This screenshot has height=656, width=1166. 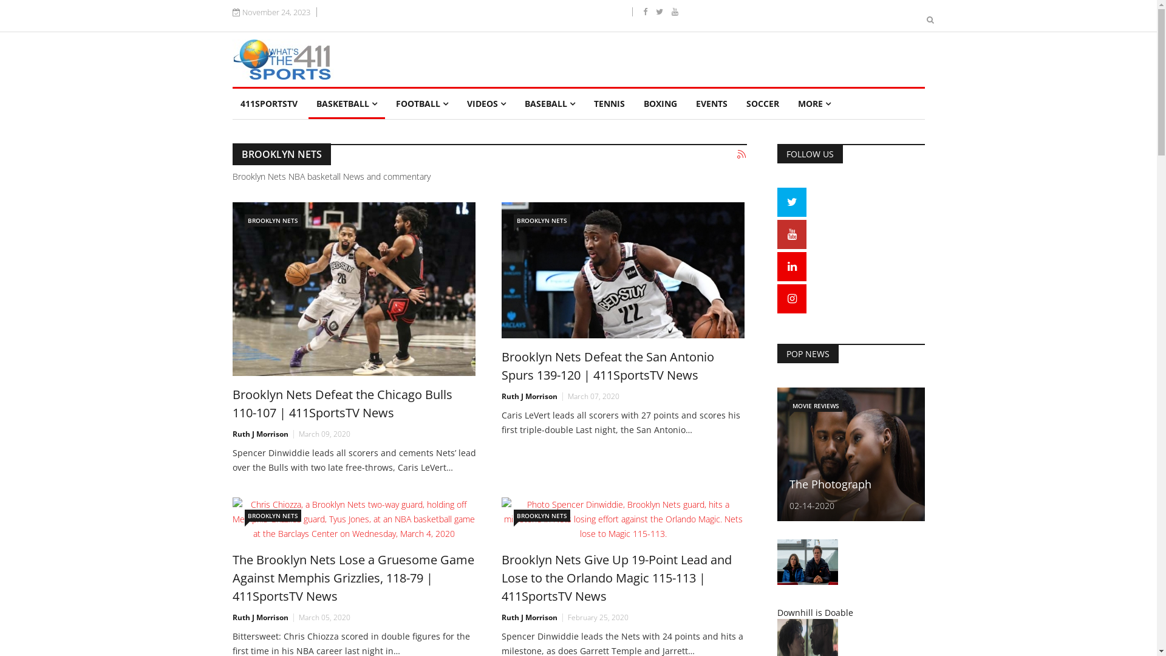 I want to click on 'Subscribe to this RSS feed', so click(x=742, y=154).